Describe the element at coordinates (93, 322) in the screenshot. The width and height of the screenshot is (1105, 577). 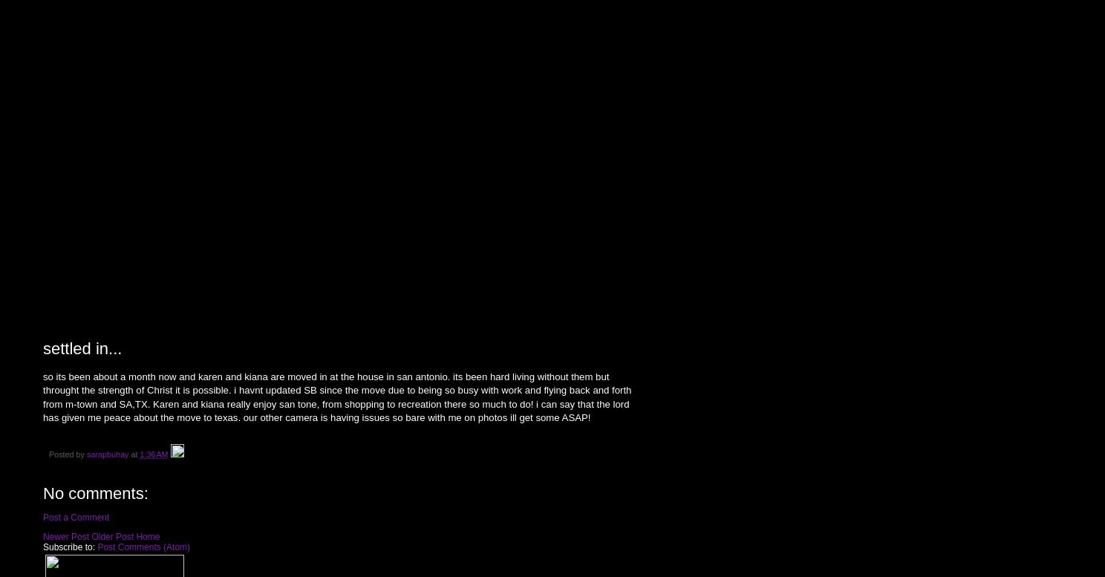
I see `'Saturday, April 7, 2007'` at that location.